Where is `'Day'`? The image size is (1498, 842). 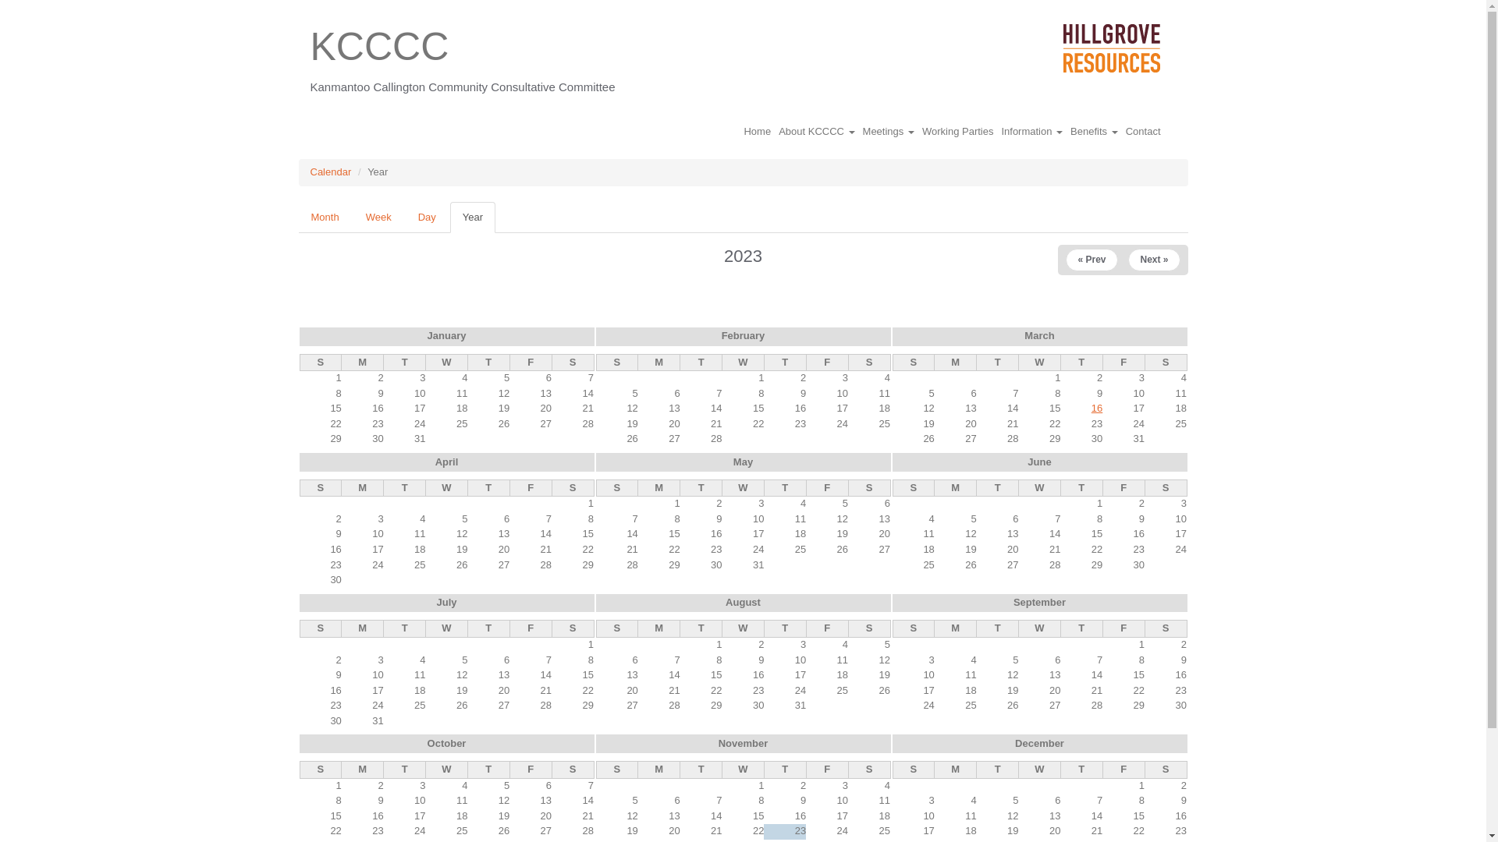 'Day' is located at coordinates (427, 218).